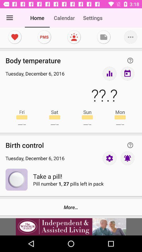 The height and width of the screenshot is (252, 142). Describe the element at coordinates (15, 37) in the screenshot. I see `favorite` at that location.